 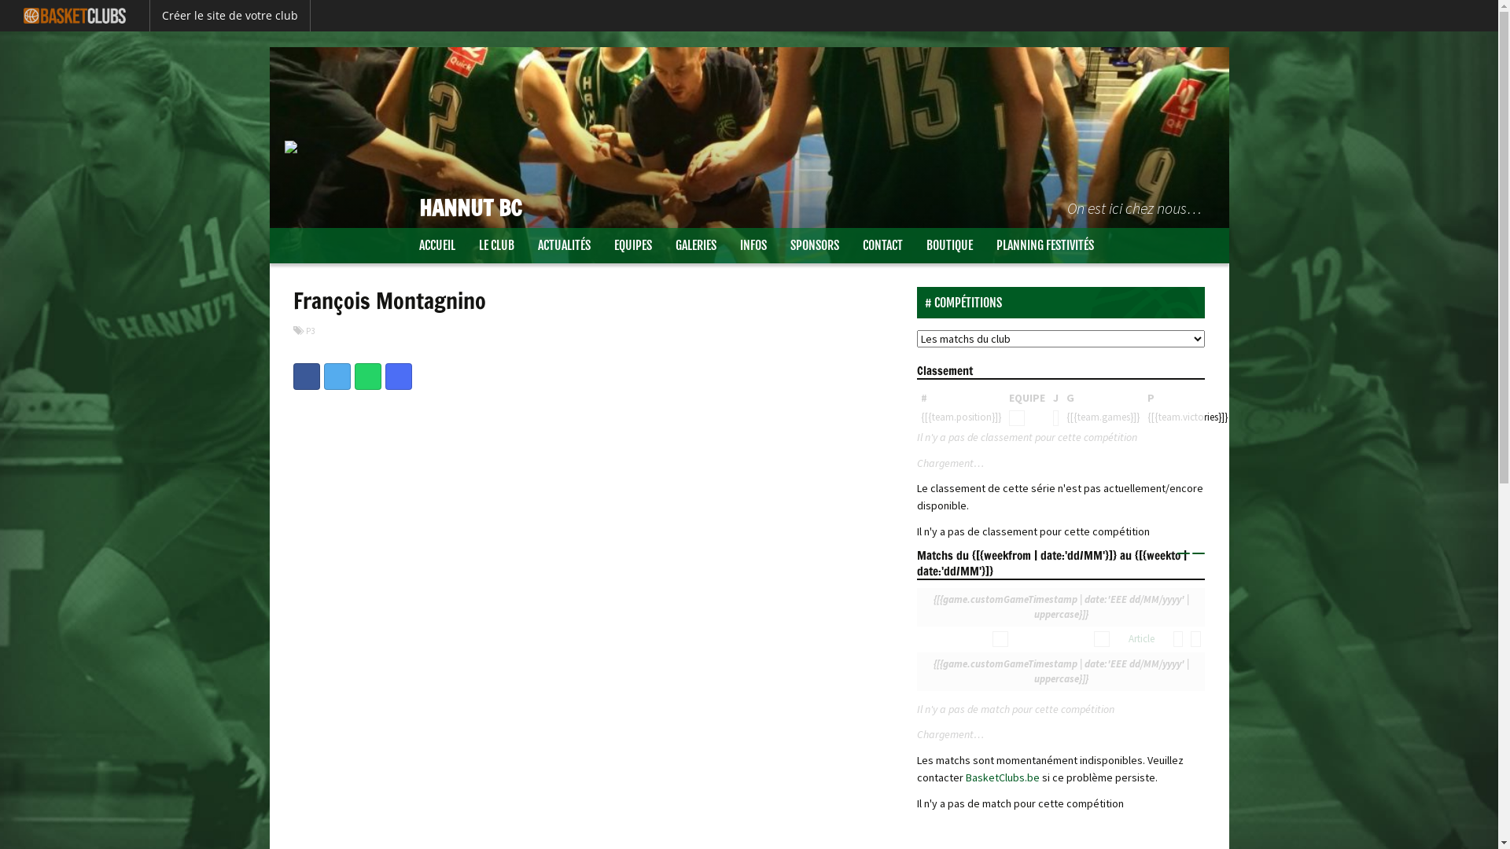 I want to click on 'BOUTIQUE', so click(x=948, y=245).